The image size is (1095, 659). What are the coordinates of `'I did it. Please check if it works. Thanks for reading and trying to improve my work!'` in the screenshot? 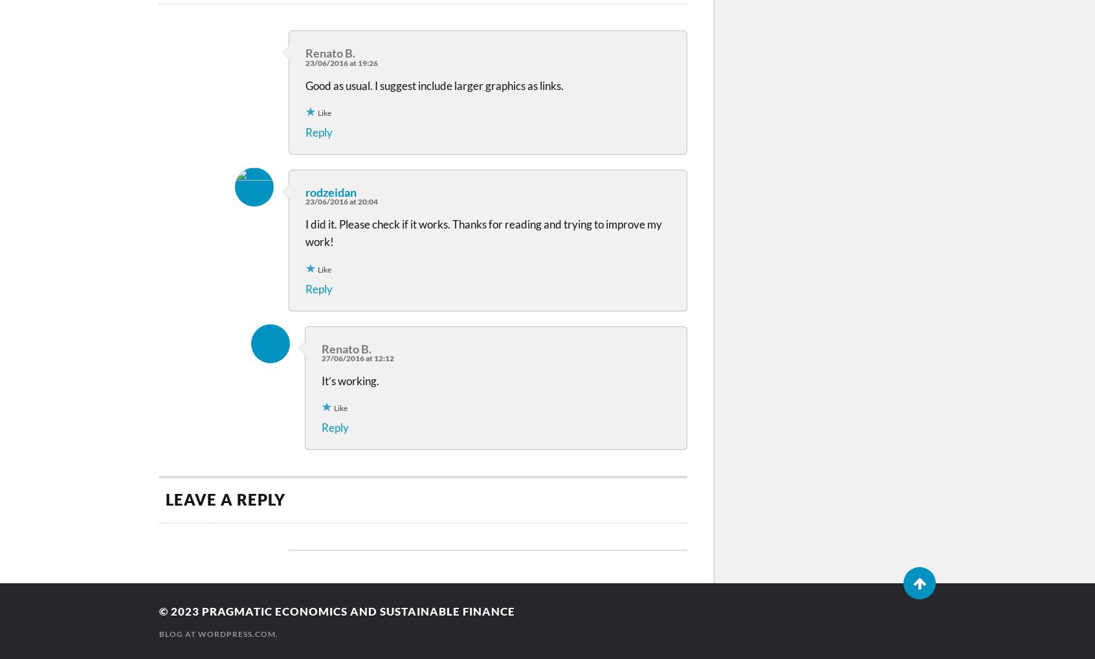 It's located at (305, 232).